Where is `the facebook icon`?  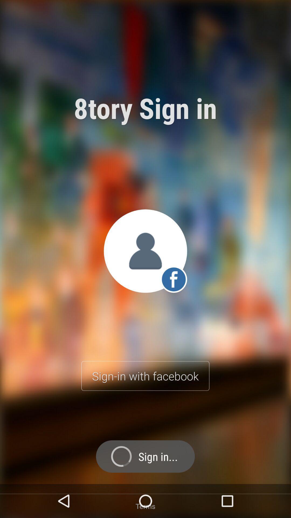 the facebook icon is located at coordinates (174, 280).